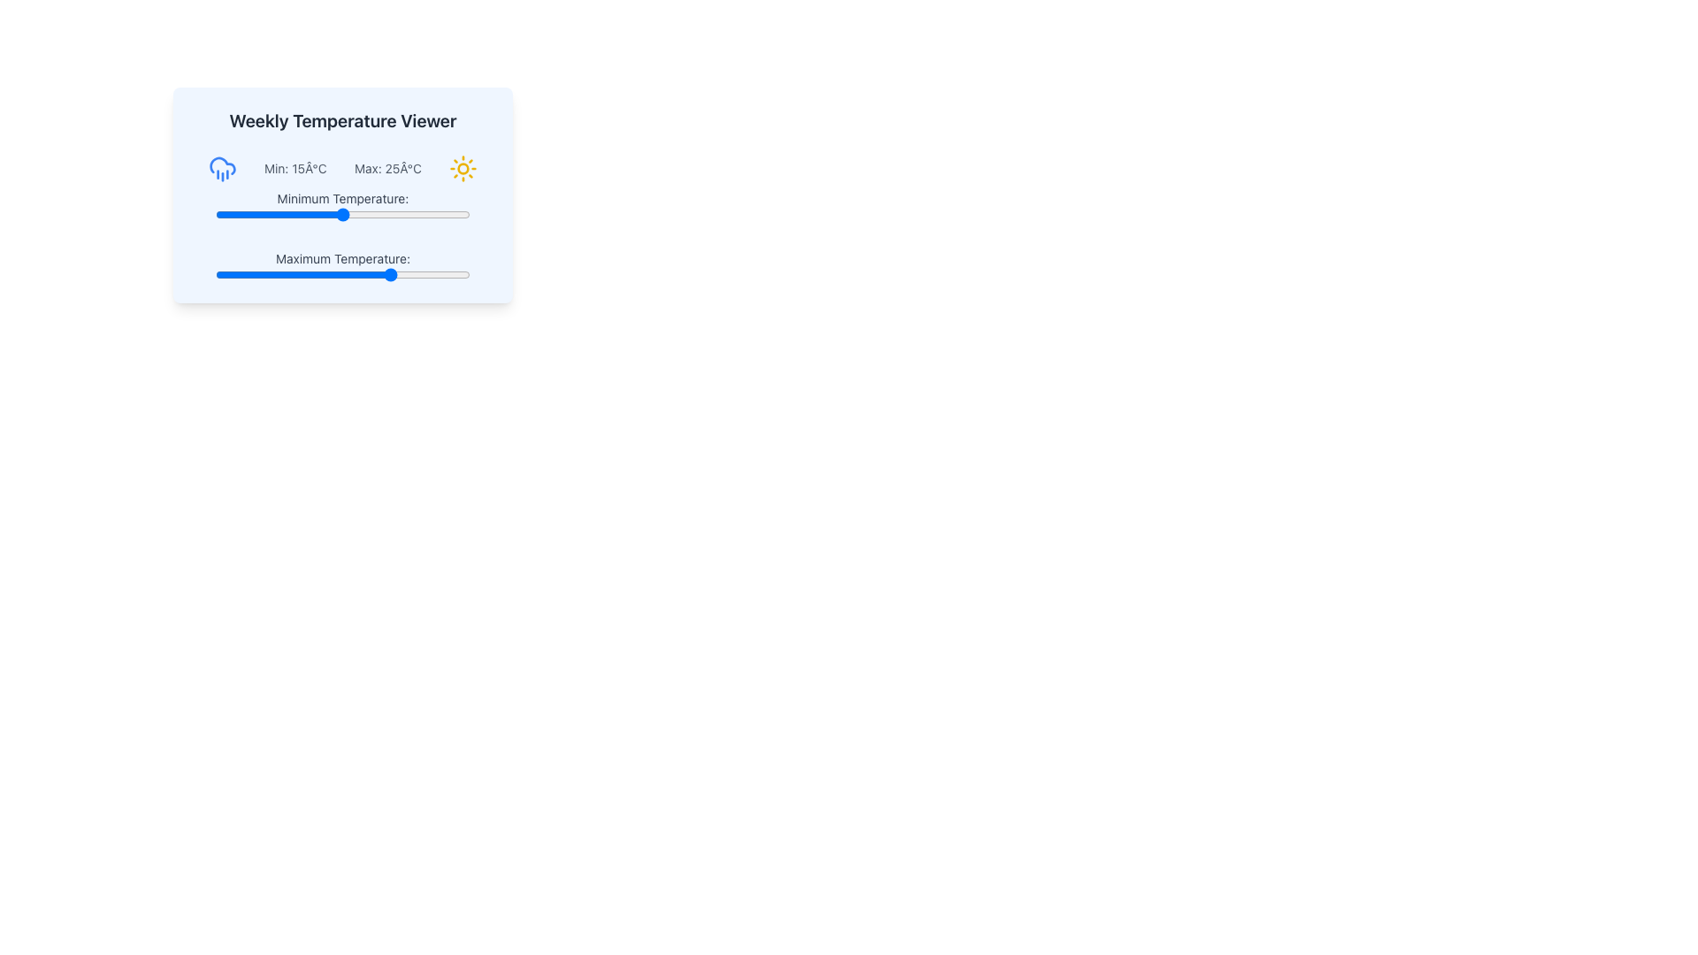 The height and width of the screenshot is (955, 1698). What do you see at coordinates (343, 234) in the screenshot?
I see `the vertical range sliders labeled 'Minimum Temperature:' and 'Maximum Temperature:' in the 'Weekly Temperature Viewer' card` at bounding box center [343, 234].